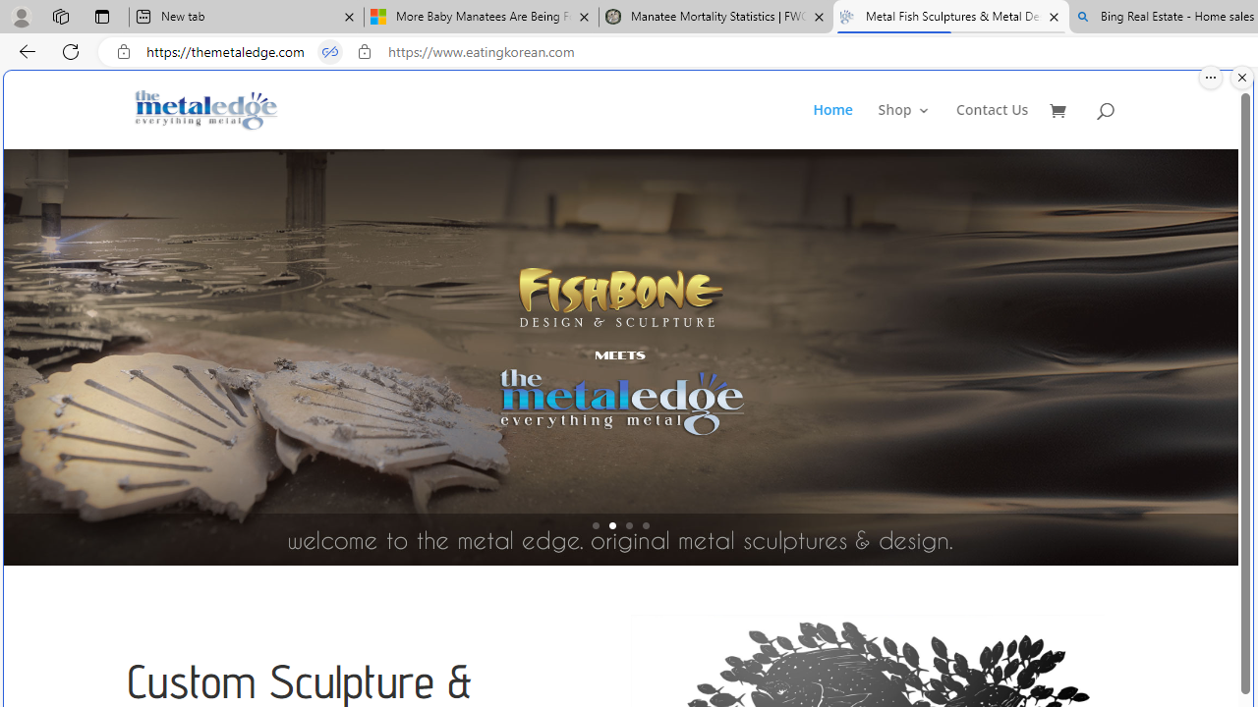 This screenshot has width=1258, height=707. I want to click on '3', so click(629, 524).